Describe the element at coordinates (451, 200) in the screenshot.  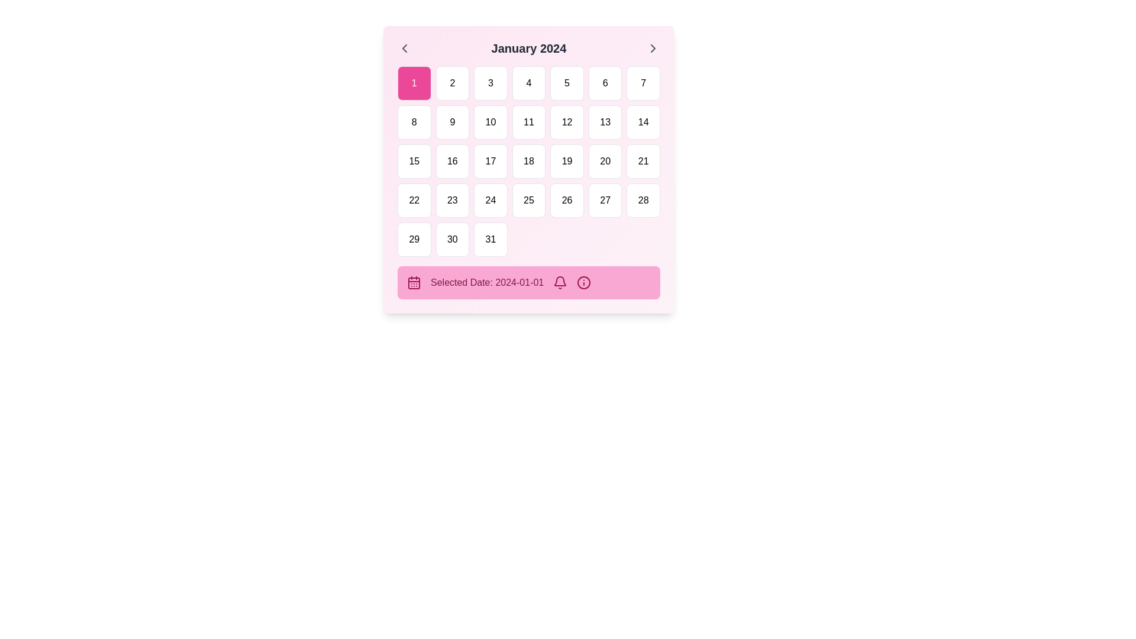
I see `the Calendar Date Tile representing the 23rd day of January 2024, located in the fourth row and third column of the calendar grid` at that location.